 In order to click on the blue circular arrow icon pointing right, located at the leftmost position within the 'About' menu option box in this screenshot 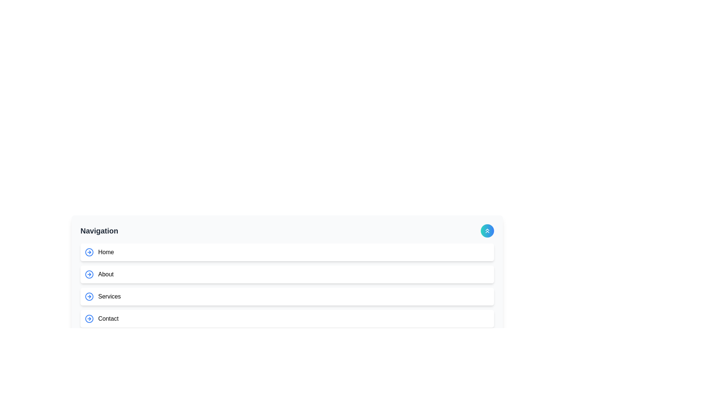, I will do `click(89, 274)`.